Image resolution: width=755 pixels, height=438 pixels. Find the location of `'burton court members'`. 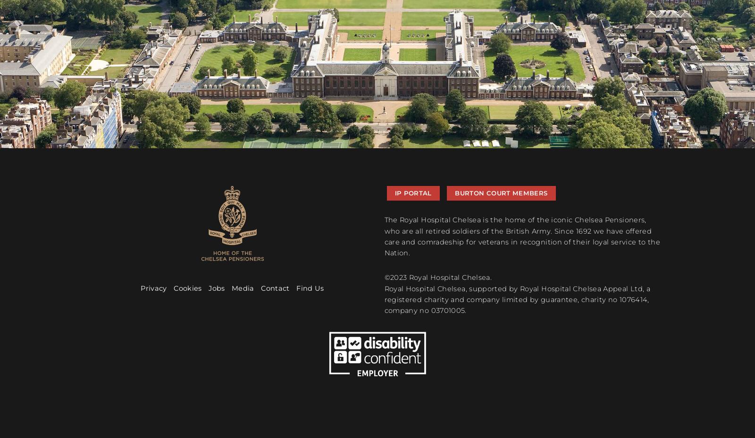

'burton court members' is located at coordinates (454, 193).